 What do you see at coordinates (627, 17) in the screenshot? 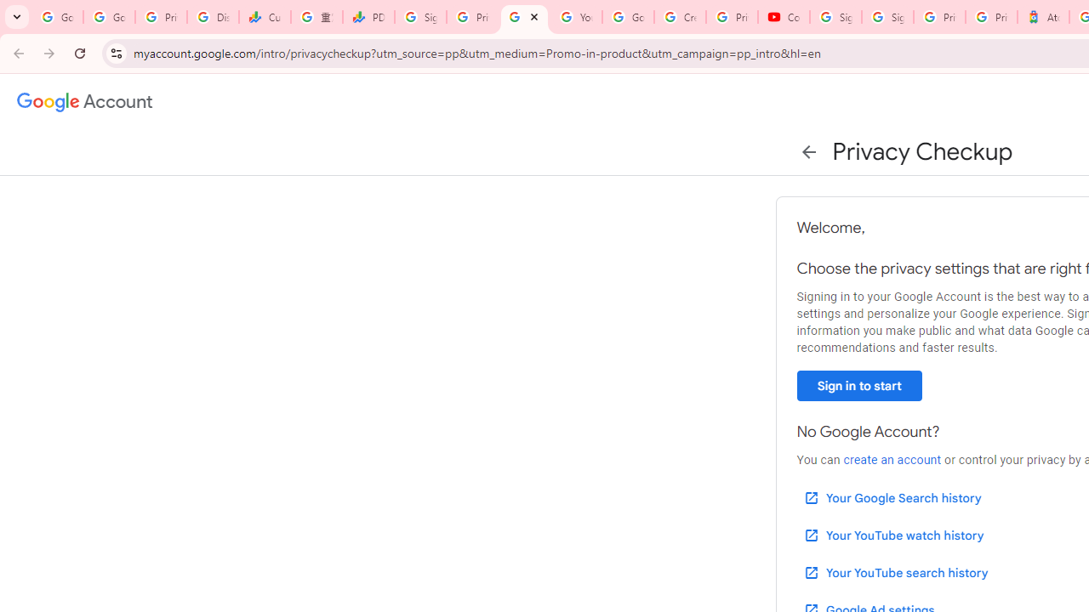
I see `'Google Account Help'` at bounding box center [627, 17].